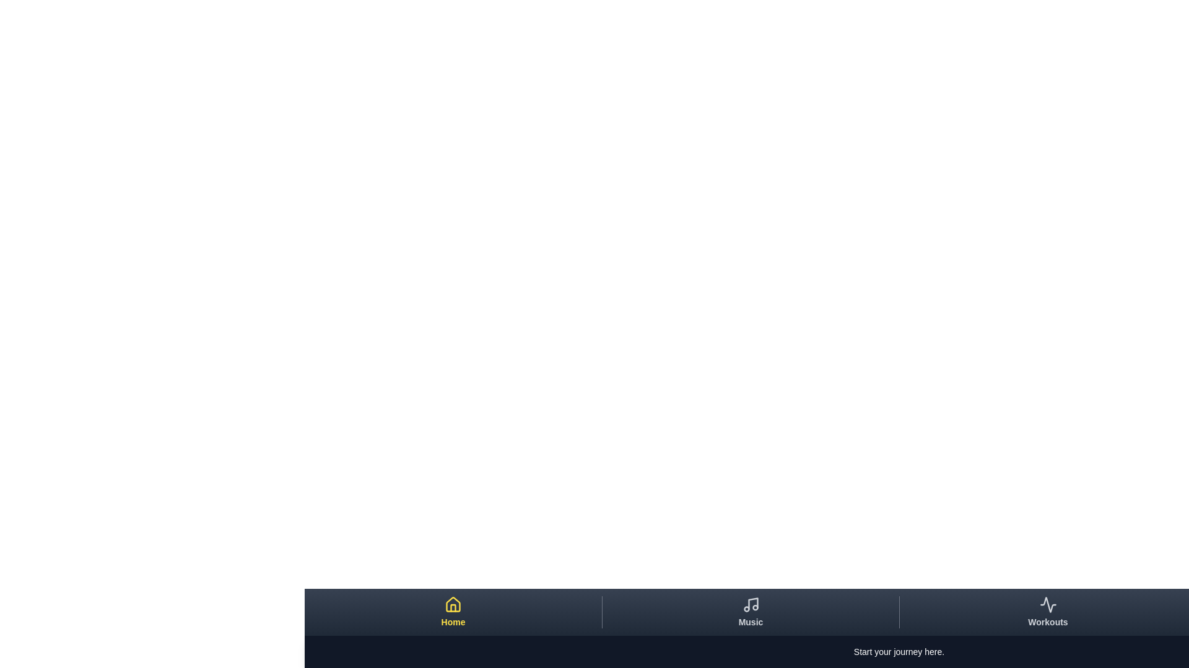 This screenshot has width=1189, height=668. What do you see at coordinates (749, 612) in the screenshot?
I see `the Music tab to view its content` at bounding box center [749, 612].